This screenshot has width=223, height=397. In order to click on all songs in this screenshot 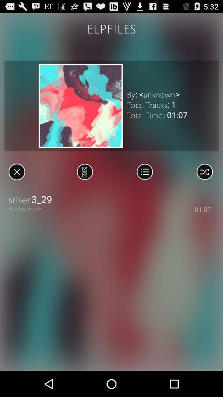, I will do `click(84, 171)`.